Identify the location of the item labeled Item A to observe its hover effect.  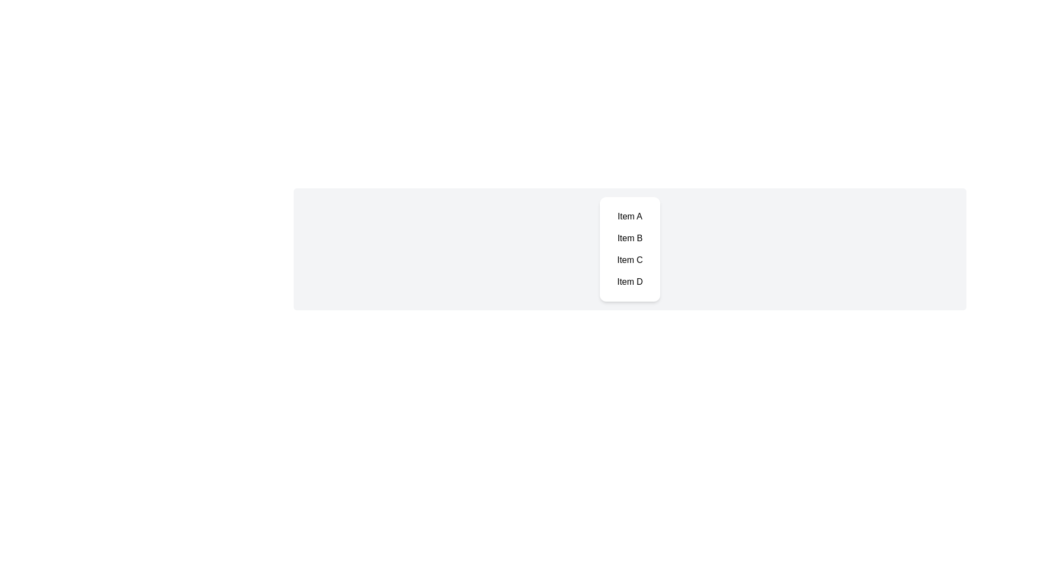
(630, 216).